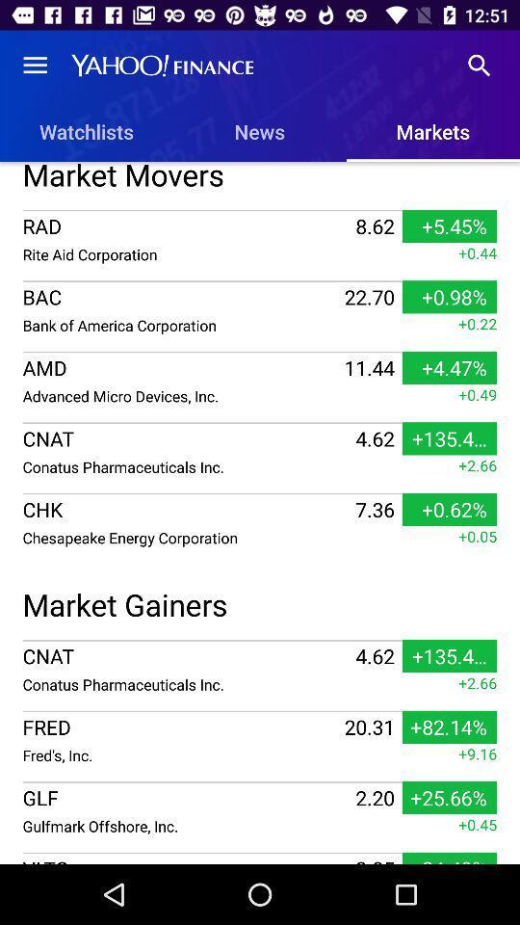 This screenshot has width=520, height=925. I want to click on item above the +0.05 icon, so click(260, 492).